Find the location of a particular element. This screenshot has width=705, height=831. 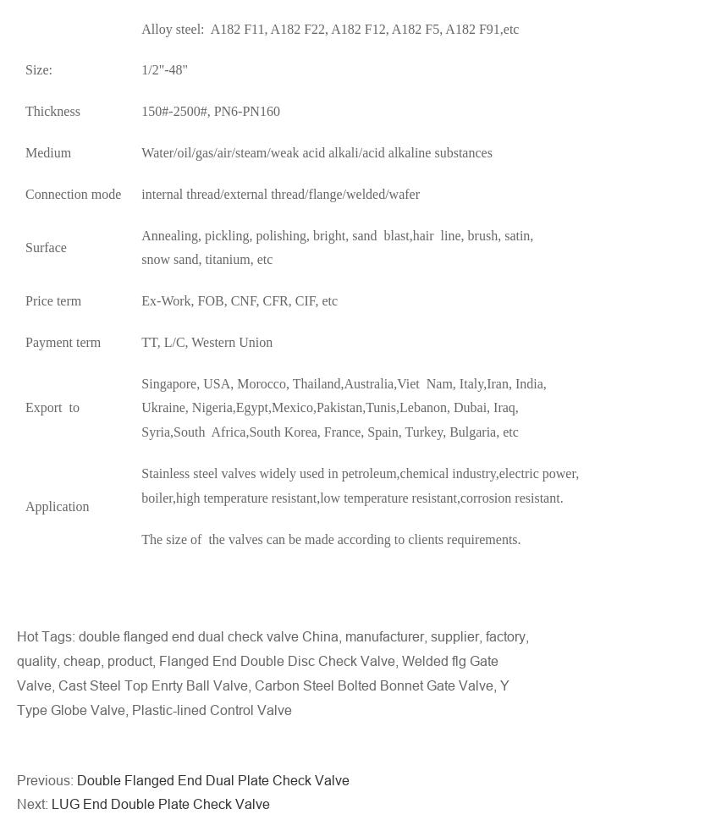

'Flanged End Double Disc Check Valve' is located at coordinates (276, 661).